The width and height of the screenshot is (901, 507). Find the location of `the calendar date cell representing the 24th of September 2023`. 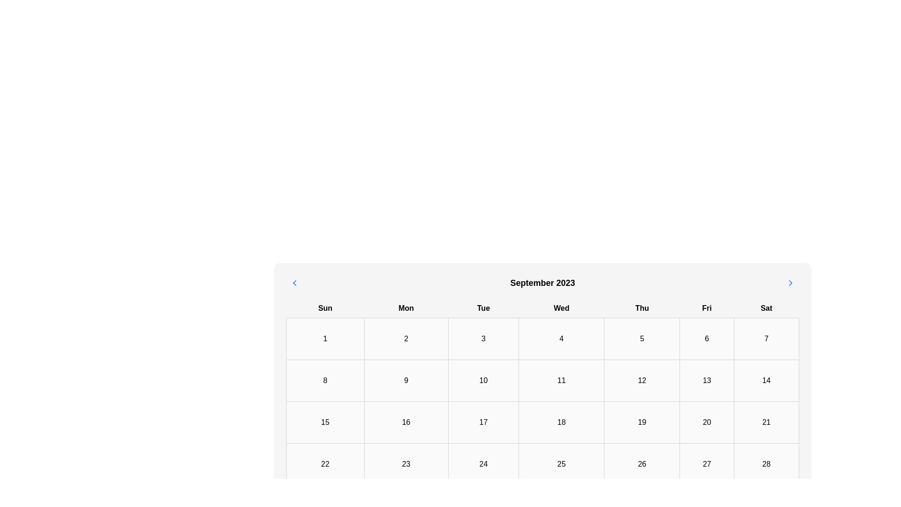

the calendar date cell representing the 24th of September 2023 is located at coordinates (483, 463).